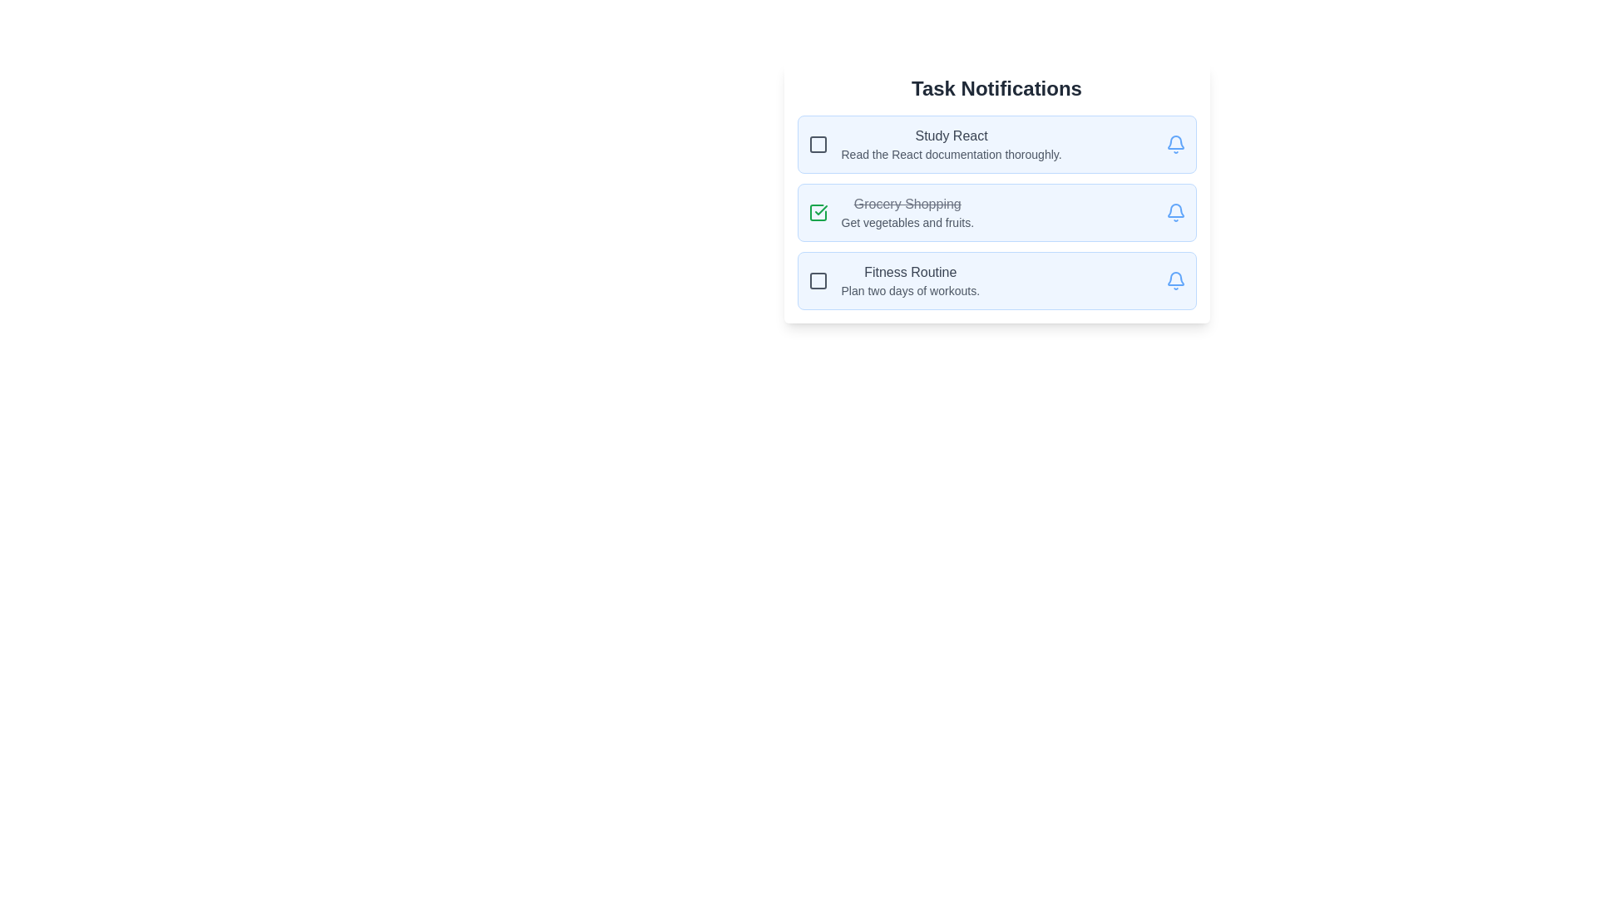 Image resolution: width=1597 pixels, height=898 pixels. Describe the element at coordinates (907, 211) in the screenshot. I see `text content of the completed task description label located in the second row under 'Task Notifications', which is styled with a strike-through to indicate completion` at that location.